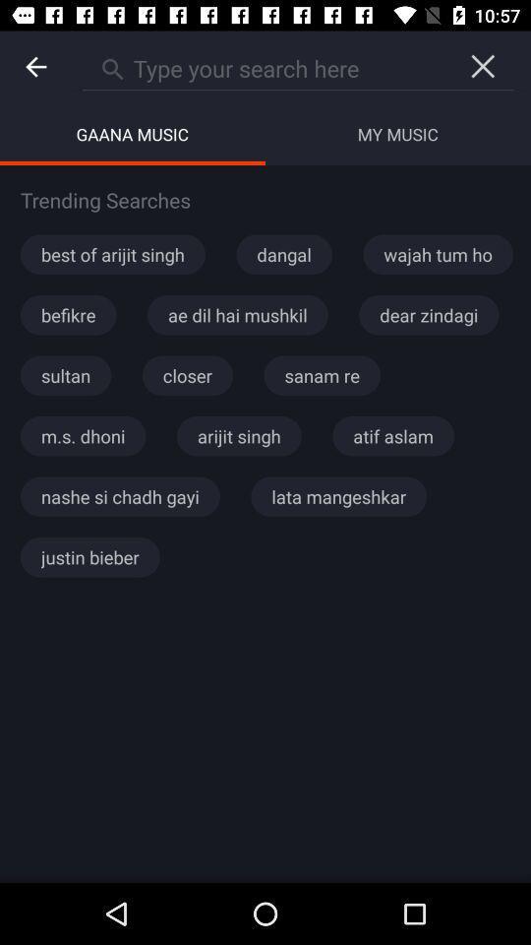 Image resolution: width=531 pixels, height=945 pixels. What do you see at coordinates (82, 436) in the screenshot?
I see `the item to the left of the arijit singh item` at bounding box center [82, 436].